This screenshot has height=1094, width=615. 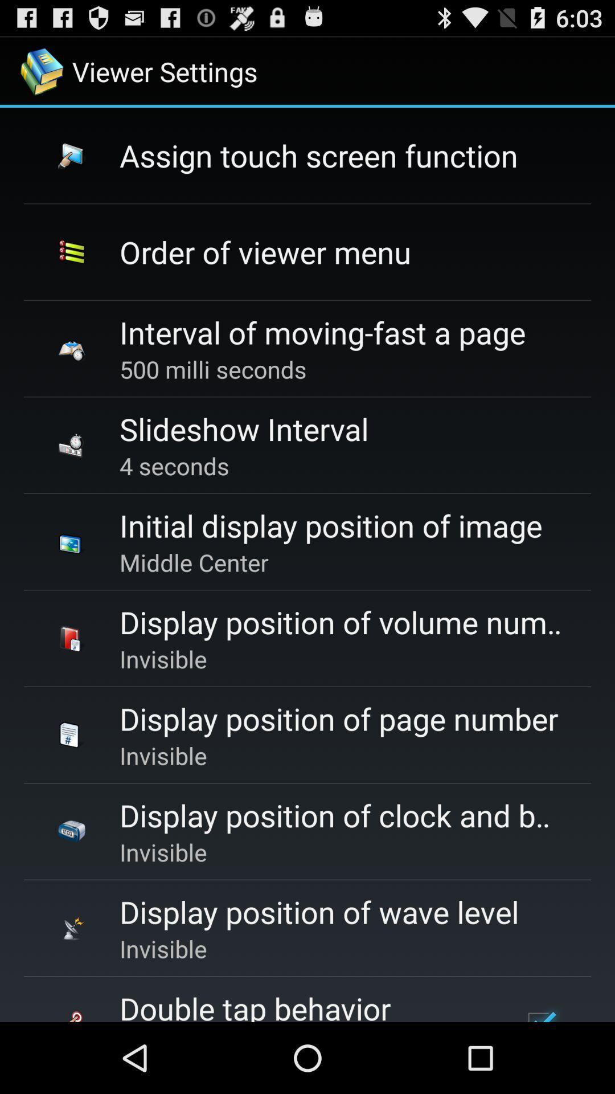 What do you see at coordinates (193, 562) in the screenshot?
I see `middle center item` at bounding box center [193, 562].